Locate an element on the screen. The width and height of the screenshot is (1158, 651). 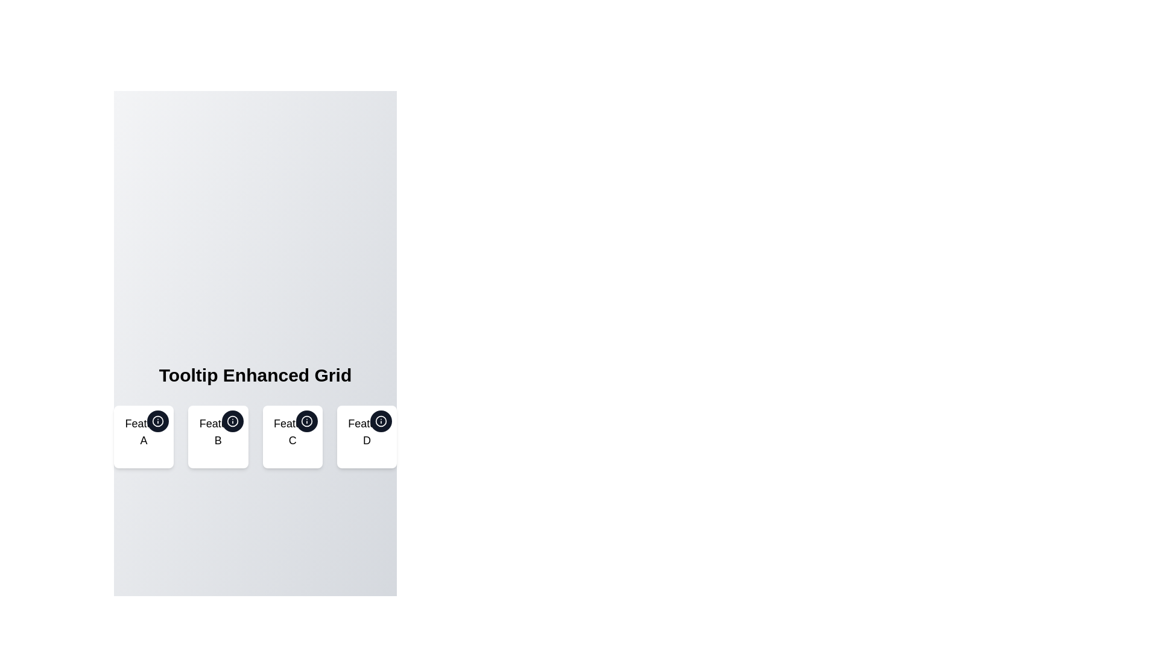
the circular 'info' icon located inside the button at the top-right corner of the 'Feat D' feature card is located at coordinates (381, 420).